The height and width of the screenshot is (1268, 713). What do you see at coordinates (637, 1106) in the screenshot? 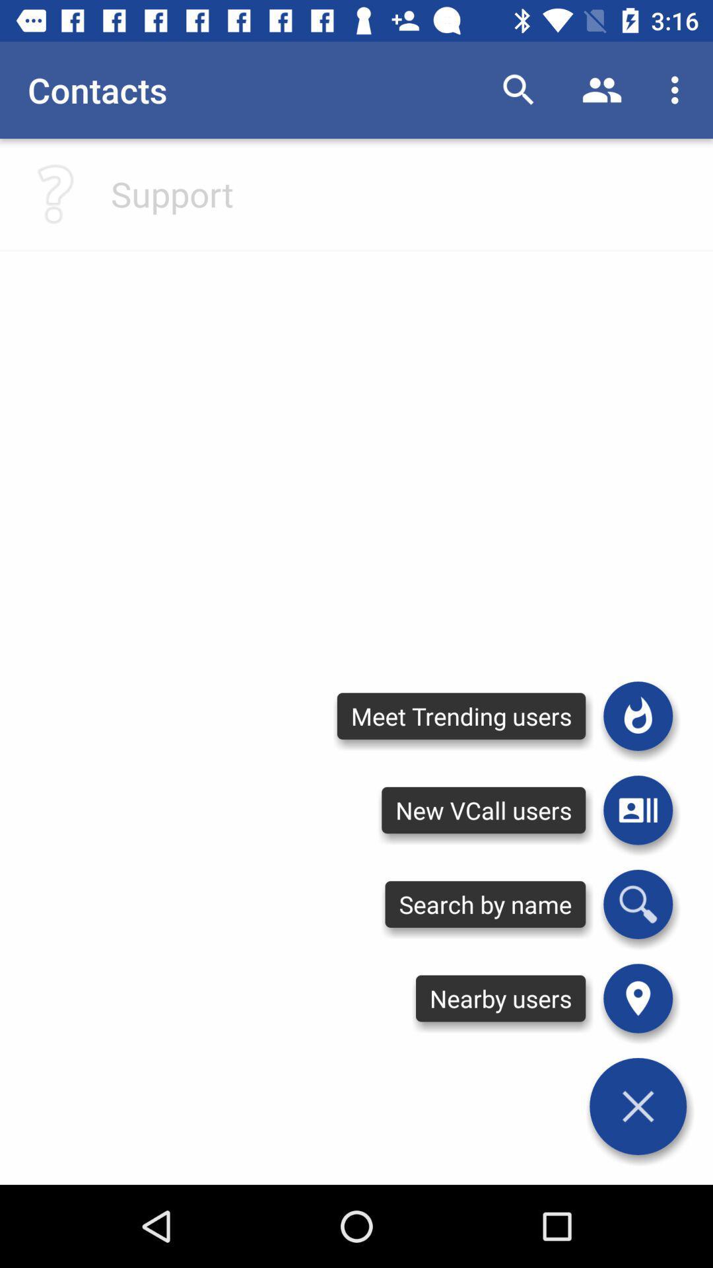
I see `the close icon` at bounding box center [637, 1106].